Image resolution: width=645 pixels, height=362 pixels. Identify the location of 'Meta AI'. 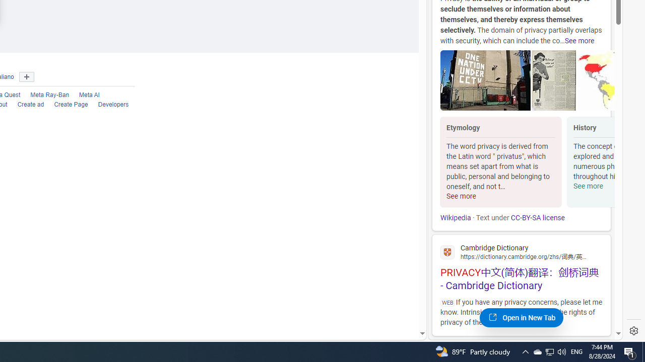
(89, 95).